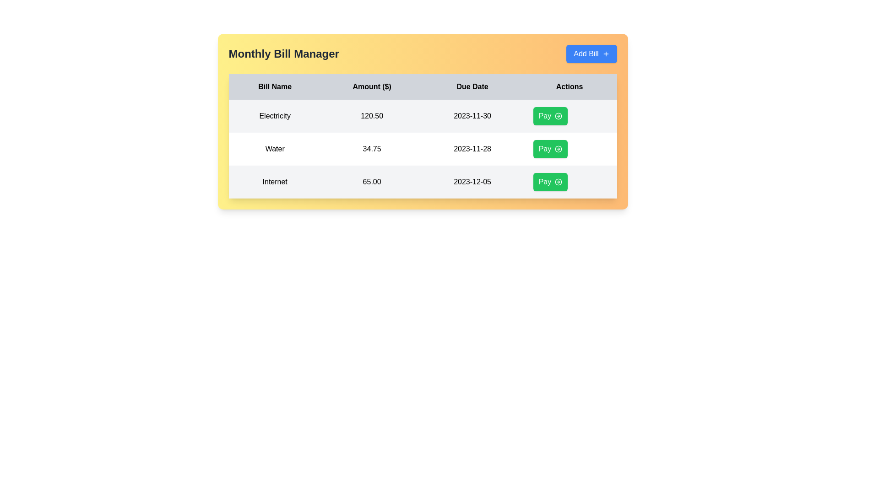 This screenshot has height=494, width=879. Describe the element at coordinates (569, 182) in the screenshot. I see `the payment button located at the bottom of the Actions column in the table, aligned with the Internet bill of $65.00 due on 2023-12-05` at that location.